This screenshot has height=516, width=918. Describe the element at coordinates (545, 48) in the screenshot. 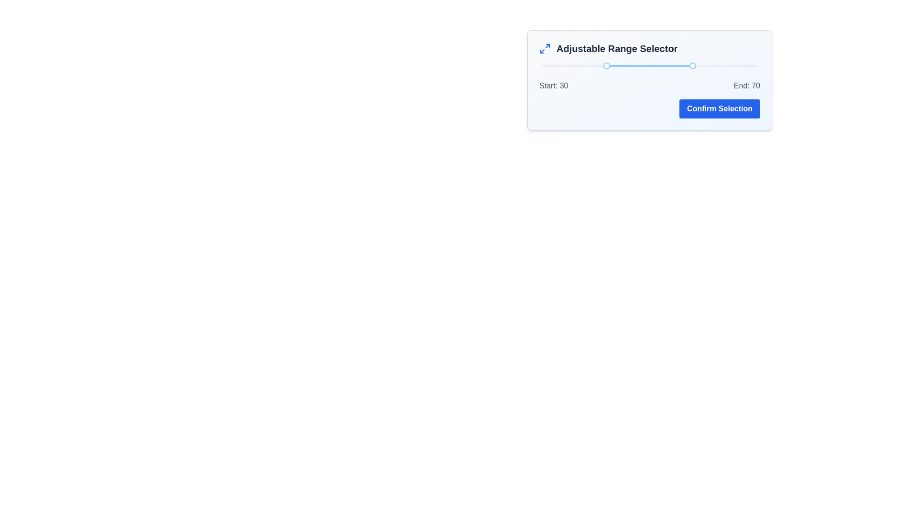

I see `the blue icon button resembling two arrows pointing diagonally outward, which is used for maximization` at that location.